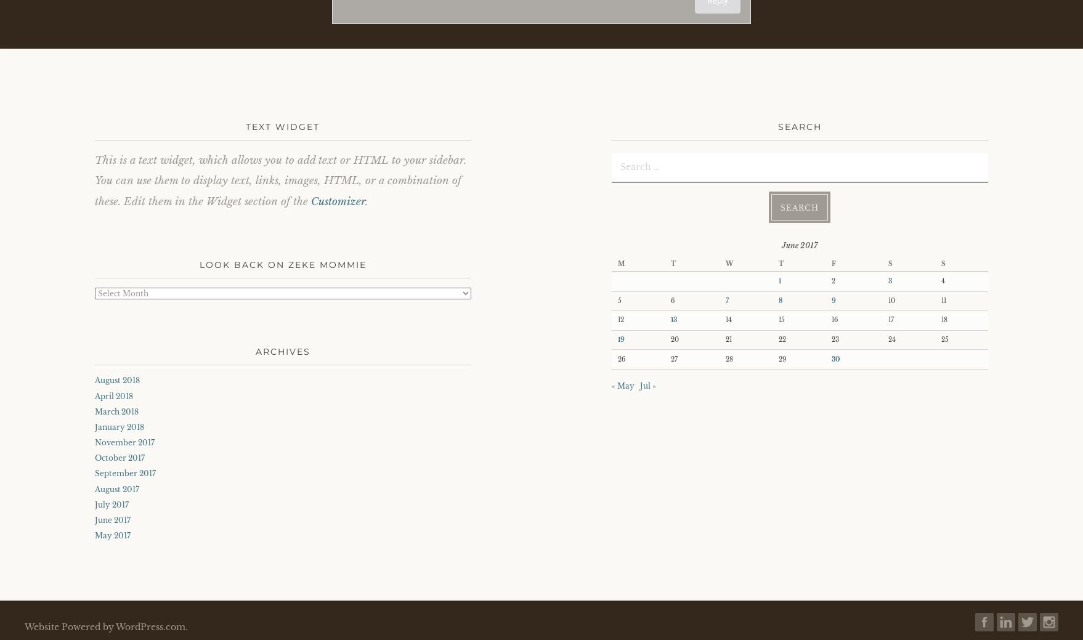  What do you see at coordinates (282, 127) in the screenshot?
I see `'Text Widget'` at bounding box center [282, 127].